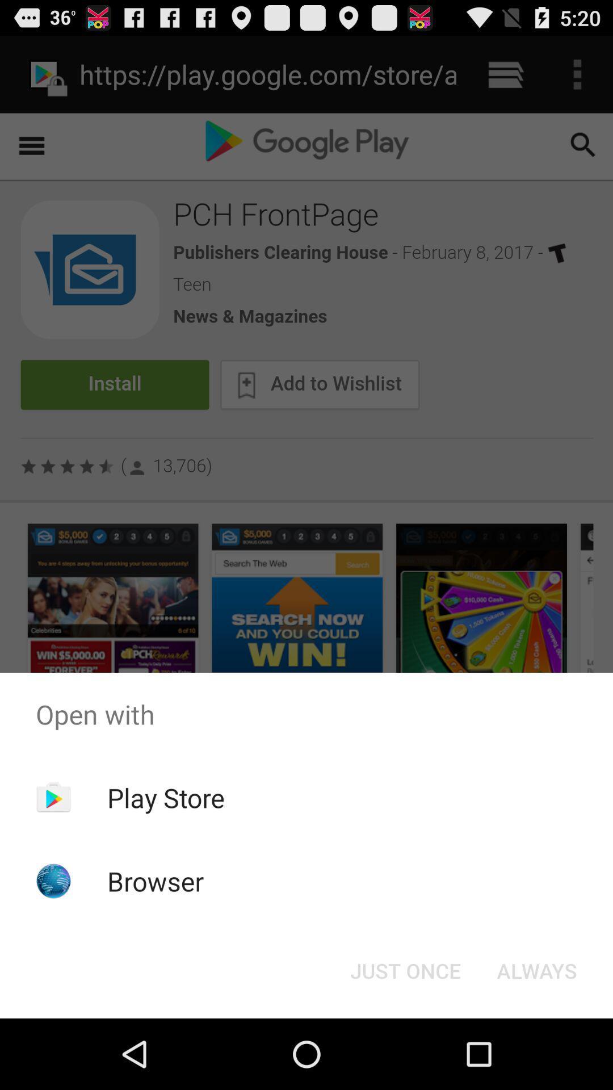 This screenshot has height=1090, width=613. I want to click on the icon at the bottom right corner, so click(536, 970).